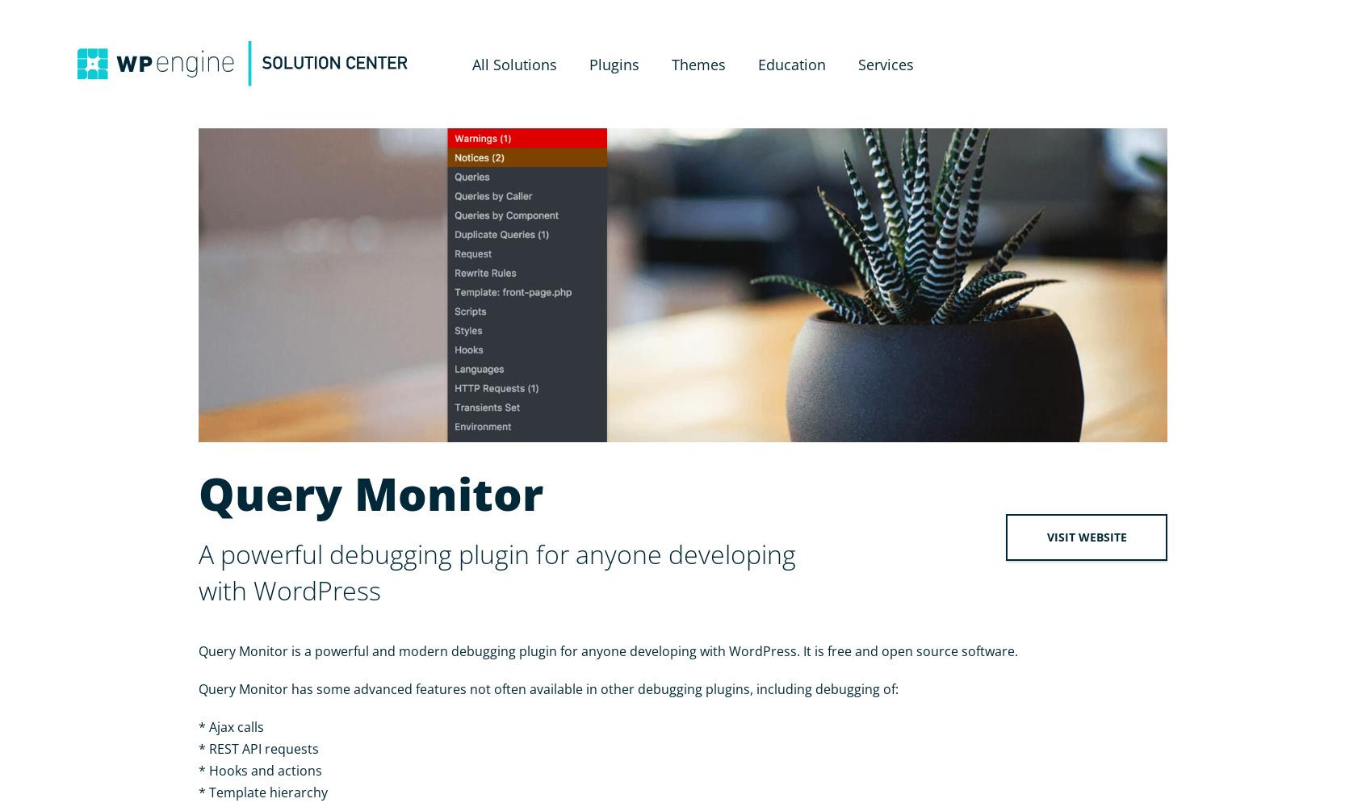 Image resolution: width=1366 pixels, height=807 pixels. Describe the element at coordinates (230, 727) in the screenshot. I see `'* Ajax calls'` at that location.